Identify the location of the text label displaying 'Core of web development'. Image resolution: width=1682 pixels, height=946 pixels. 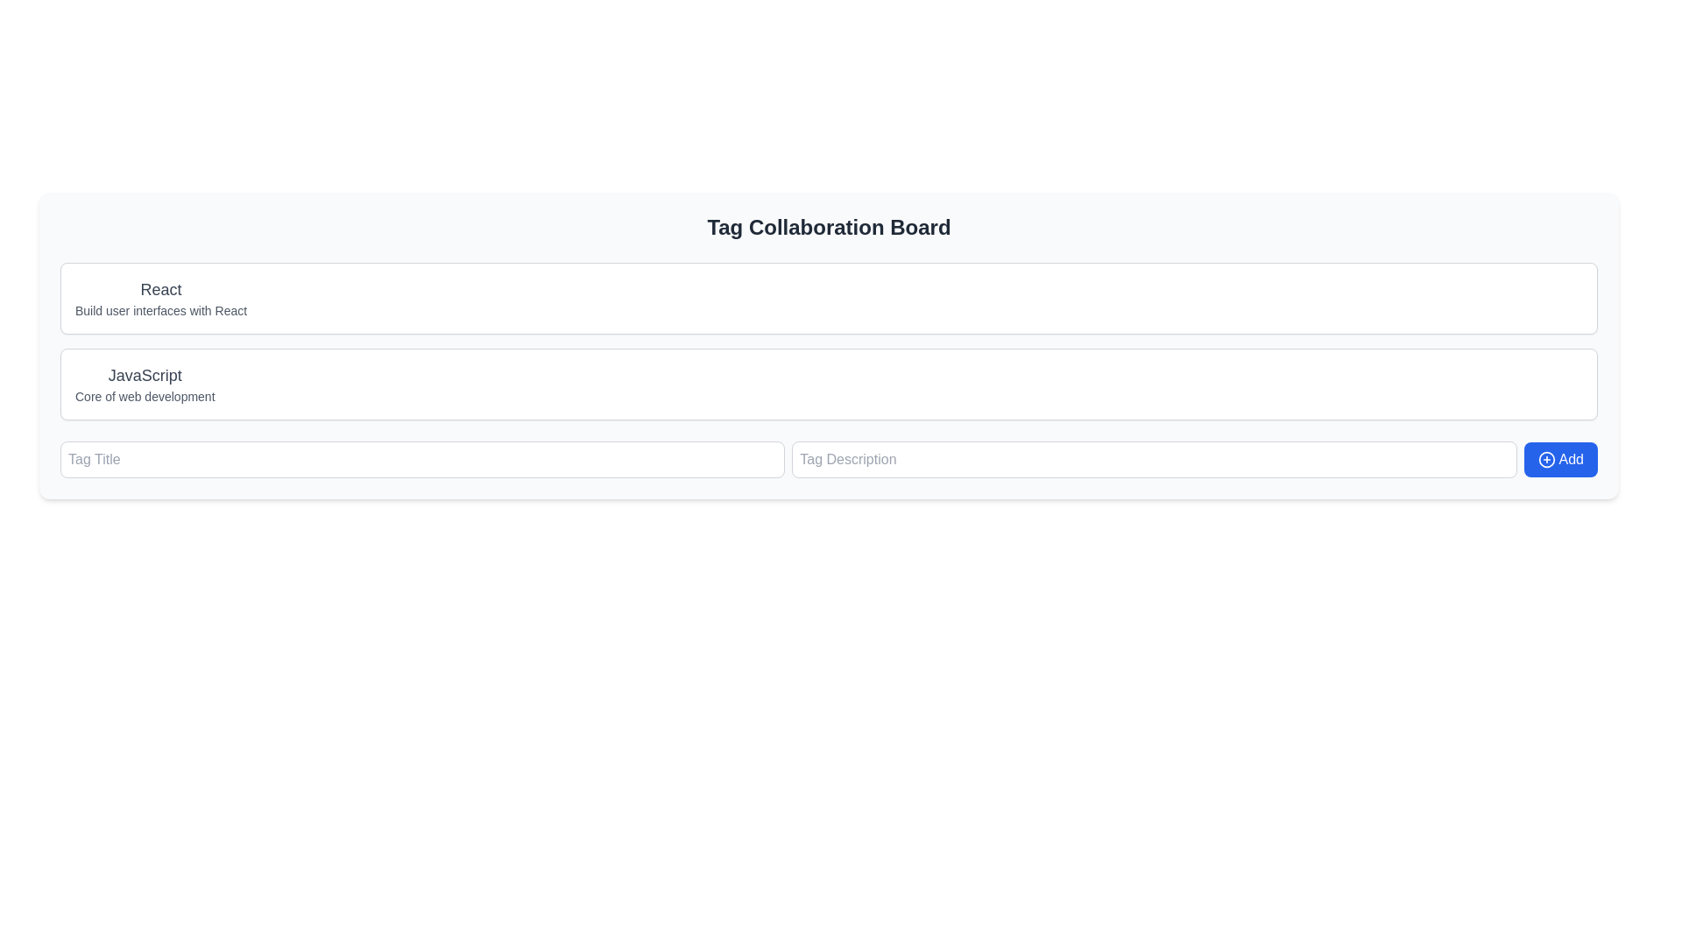
(145, 396).